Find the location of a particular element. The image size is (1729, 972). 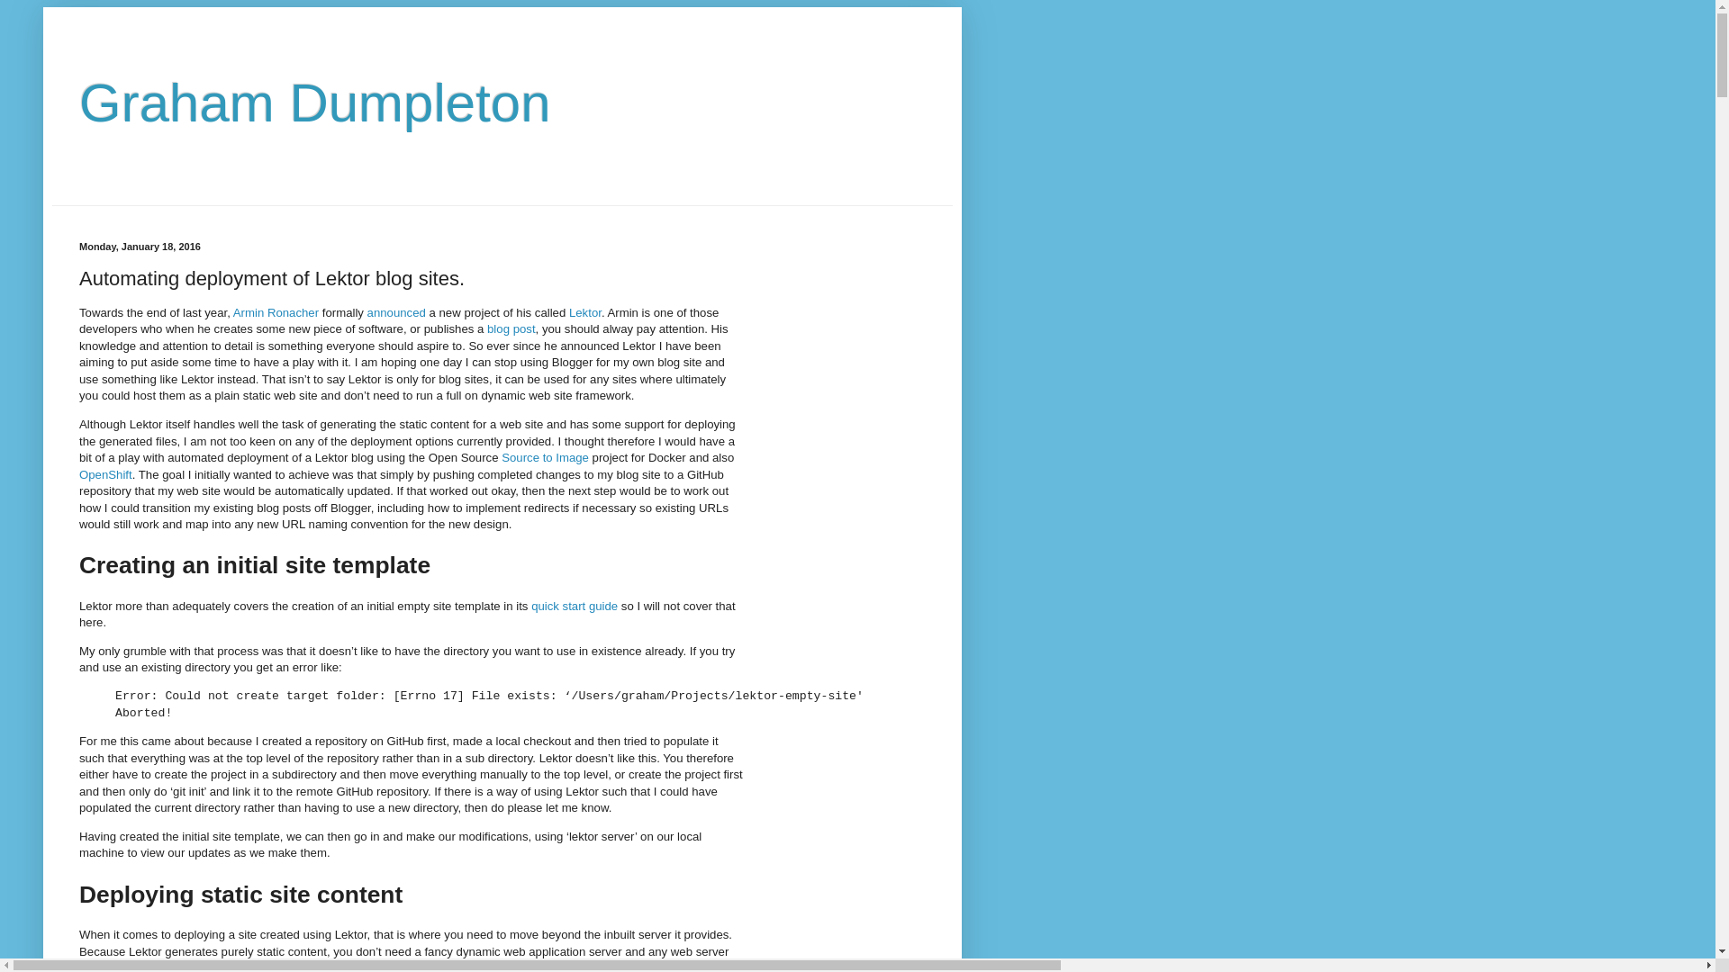

'Lektor' is located at coordinates (568, 311).